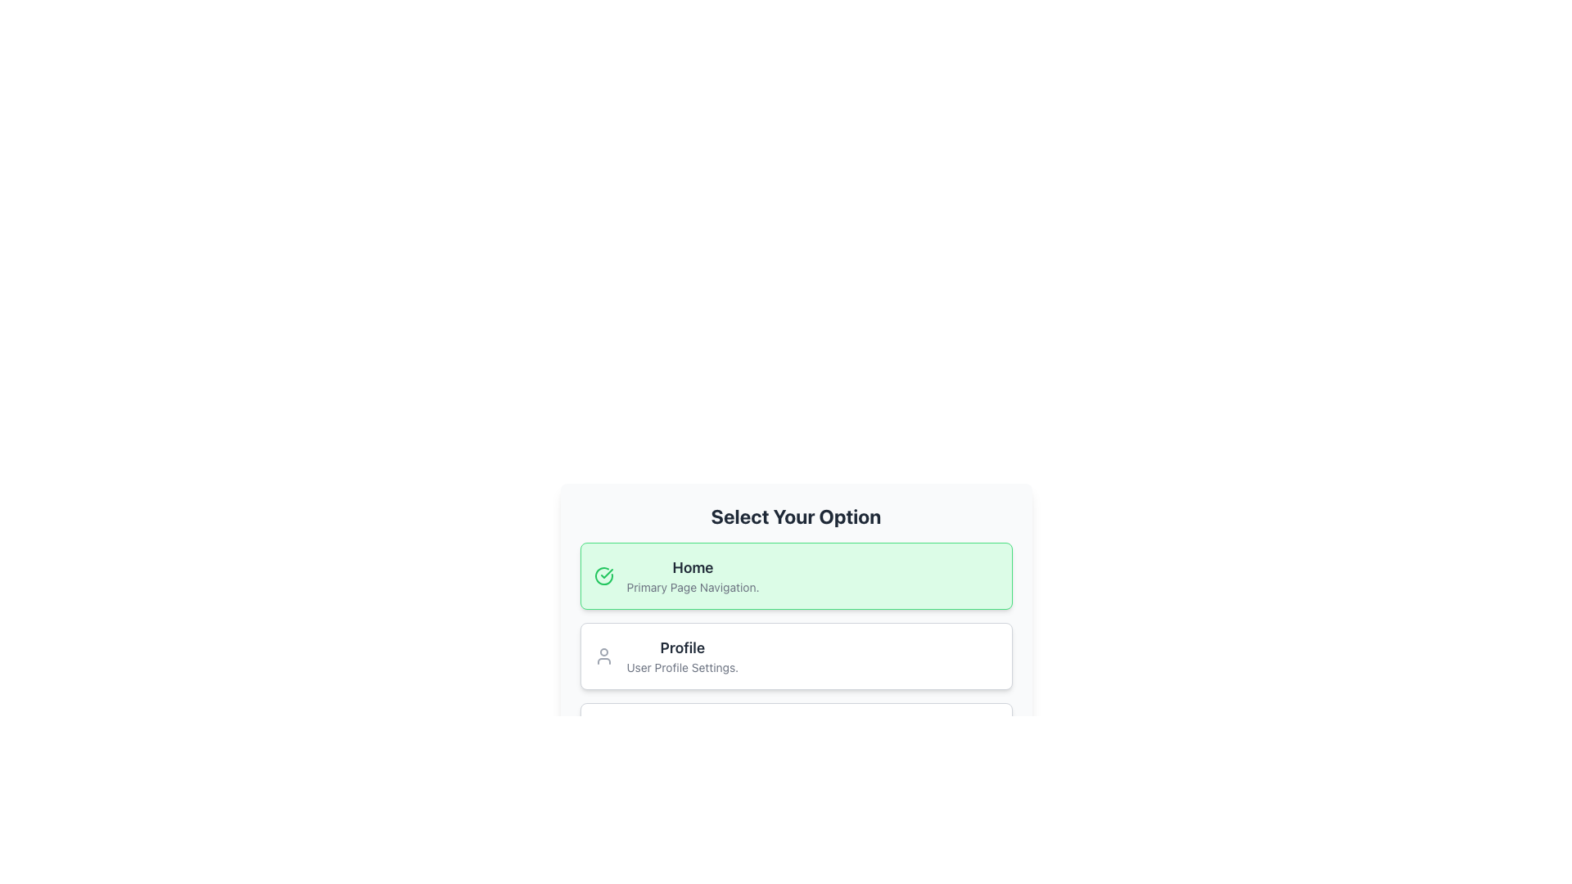  Describe the element at coordinates (796, 575) in the screenshot. I see `the navigational button located directly above the 'Profile' button in the list of options under the heading 'Select Your Option'` at that location.